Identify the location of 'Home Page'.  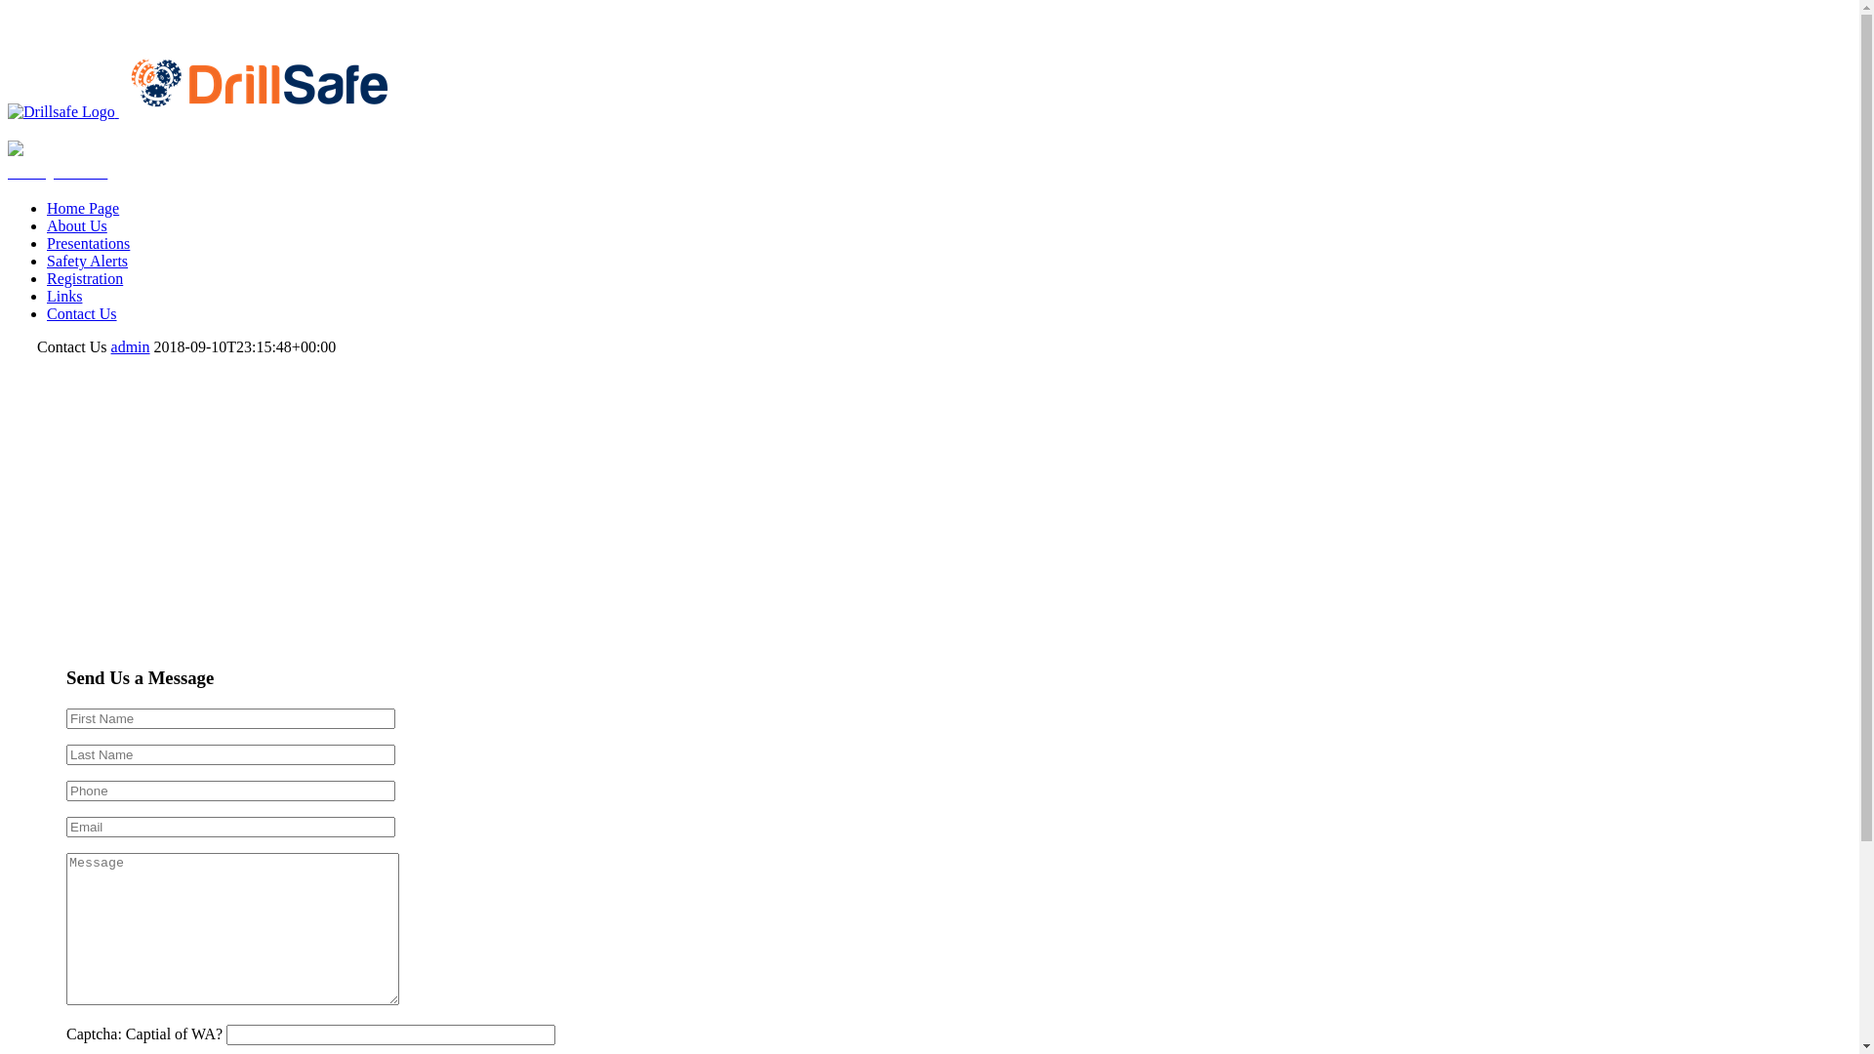
(82, 208).